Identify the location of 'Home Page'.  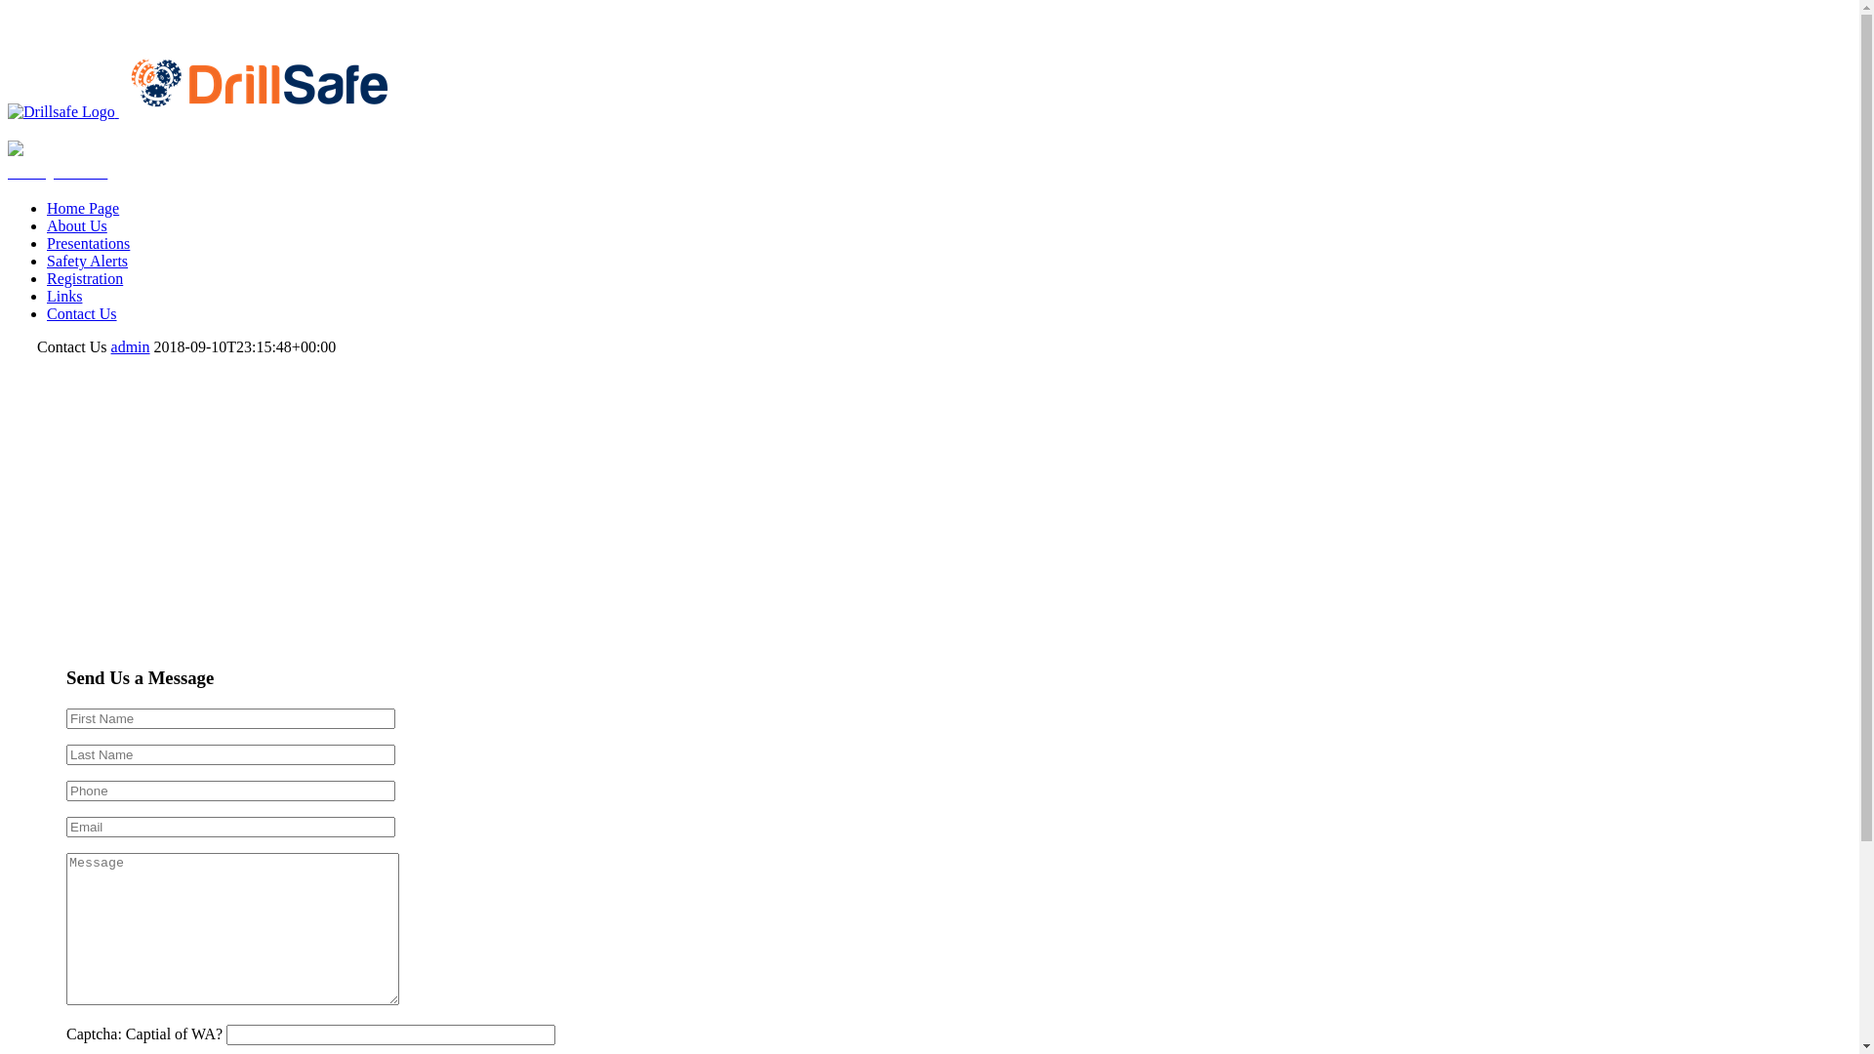
(82, 208).